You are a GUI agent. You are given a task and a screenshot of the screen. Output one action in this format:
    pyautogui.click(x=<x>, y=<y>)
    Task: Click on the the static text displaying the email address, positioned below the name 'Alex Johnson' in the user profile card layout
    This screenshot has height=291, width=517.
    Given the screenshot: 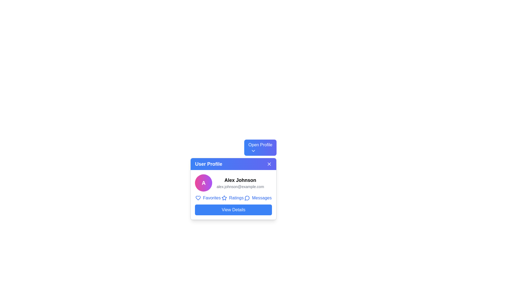 What is the action you would take?
    pyautogui.click(x=240, y=186)
    